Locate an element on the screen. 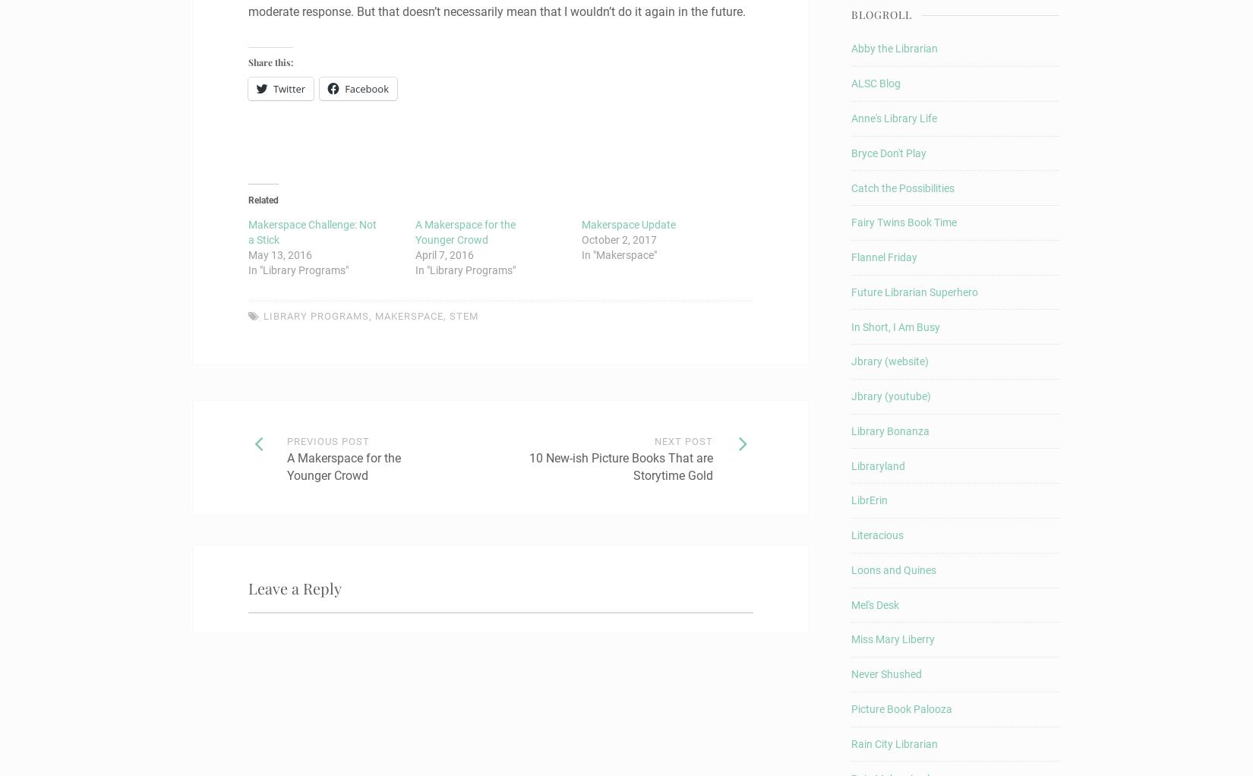 The width and height of the screenshot is (1253, 776). 'Blogroll' is located at coordinates (881, 13).